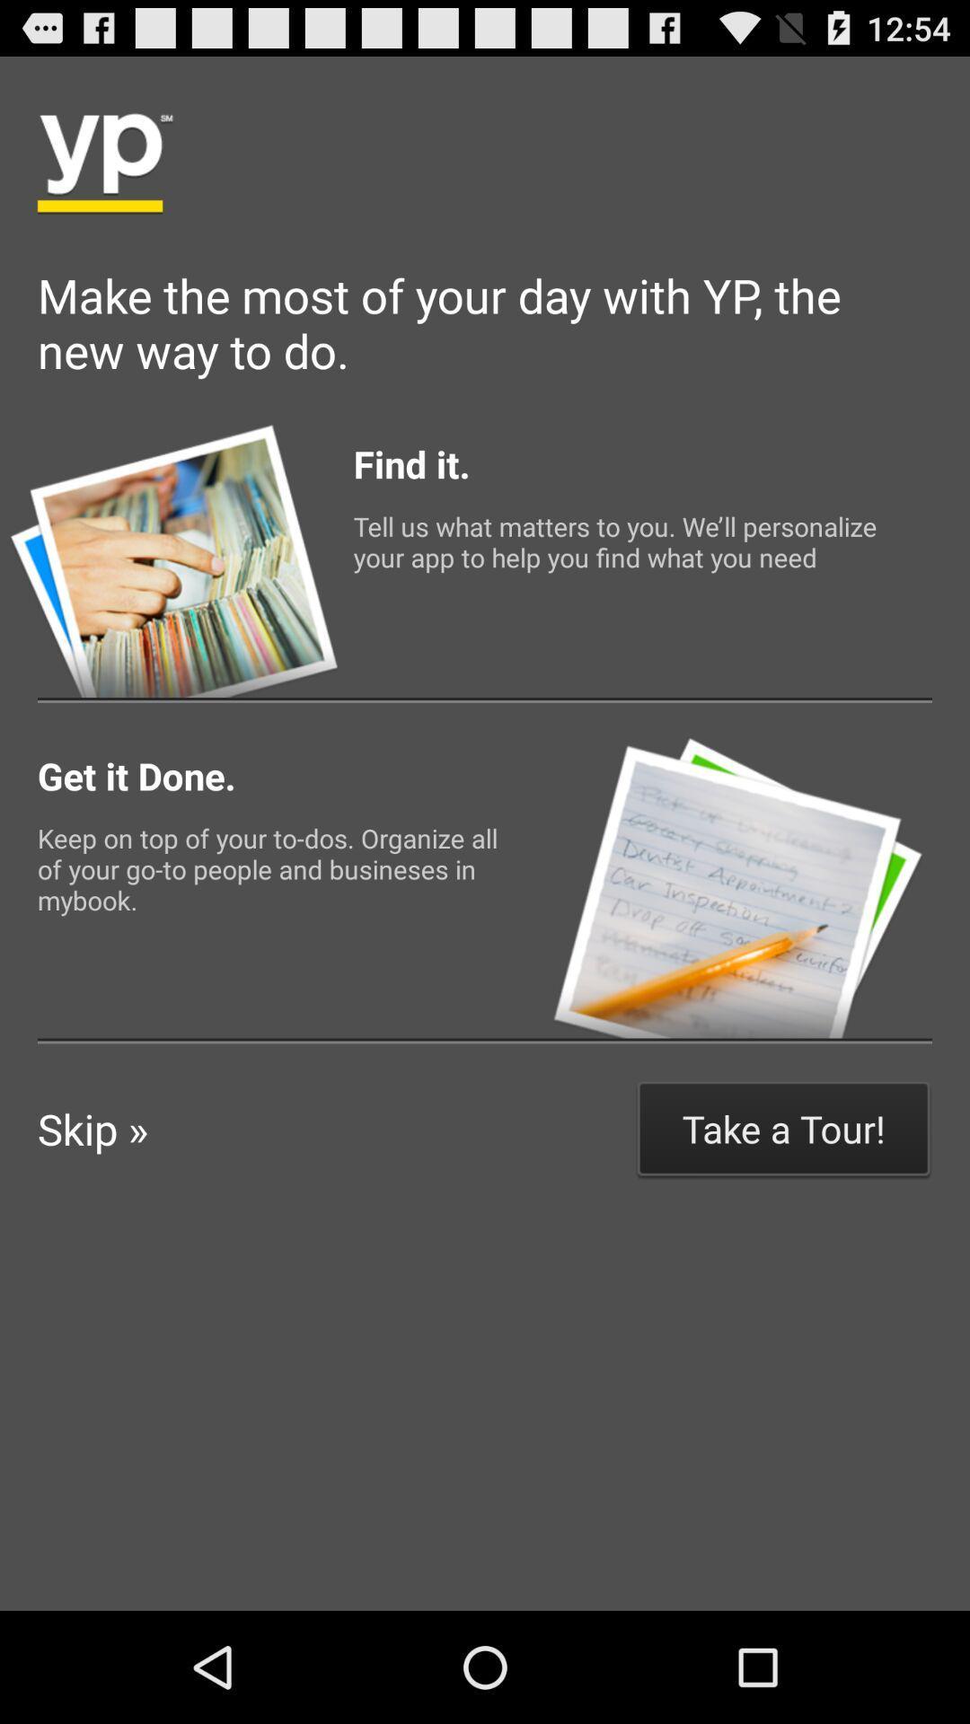 The image size is (970, 1724). Describe the element at coordinates (93, 1128) in the screenshot. I see `the icon to the left of take a tour! icon` at that location.